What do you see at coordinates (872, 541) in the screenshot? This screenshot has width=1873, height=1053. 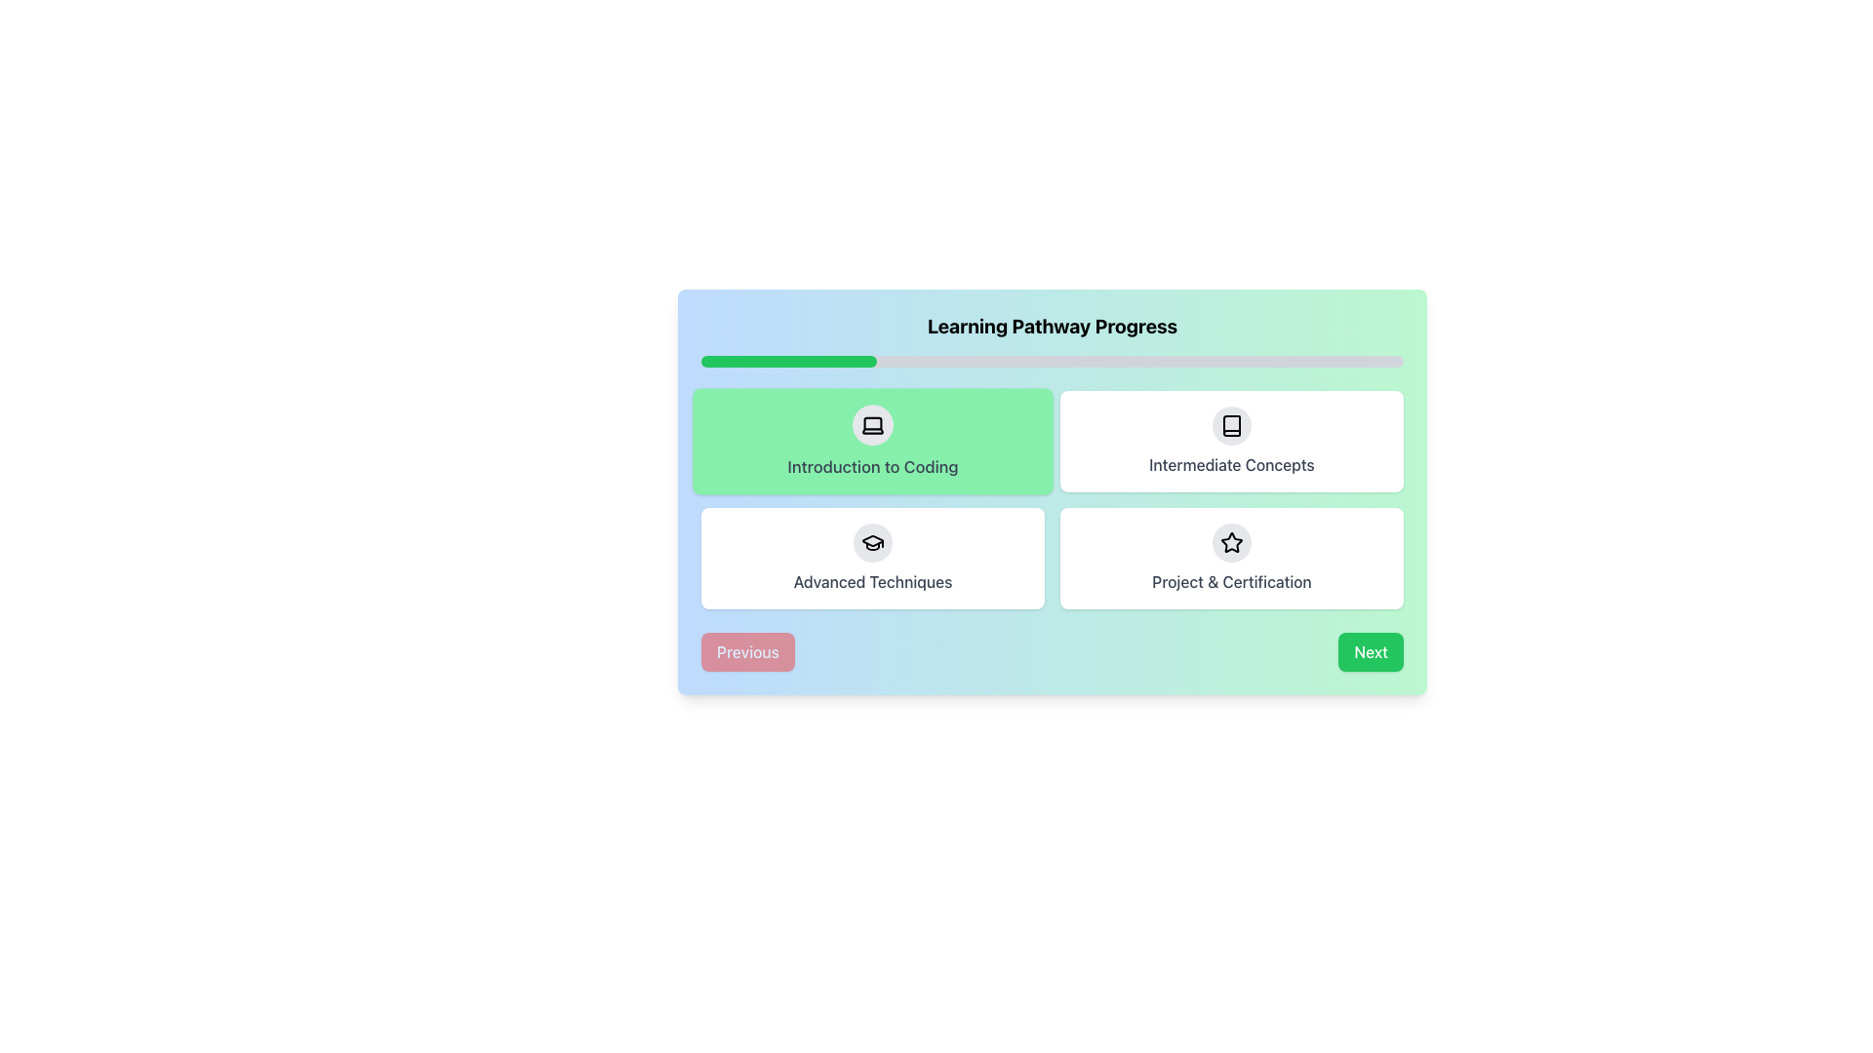 I see `the SVG icon representing 'Advanced Techniques' located in the bottom-left quadrant of the interface` at bounding box center [872, 541].